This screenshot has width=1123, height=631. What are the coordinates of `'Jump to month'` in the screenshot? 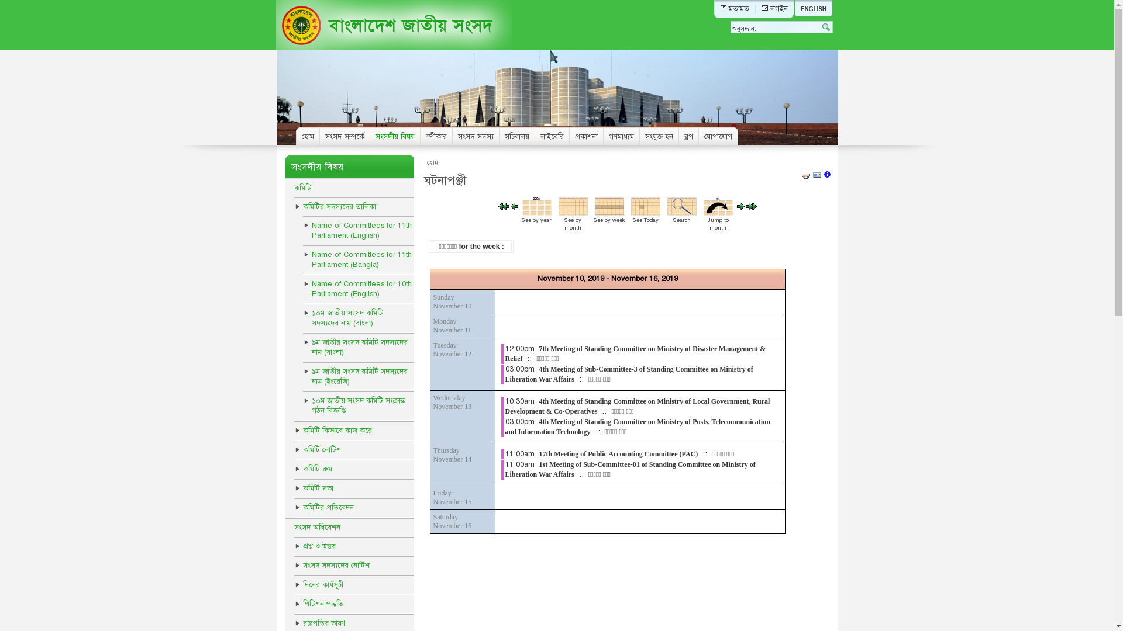 It's located at (703, 213).